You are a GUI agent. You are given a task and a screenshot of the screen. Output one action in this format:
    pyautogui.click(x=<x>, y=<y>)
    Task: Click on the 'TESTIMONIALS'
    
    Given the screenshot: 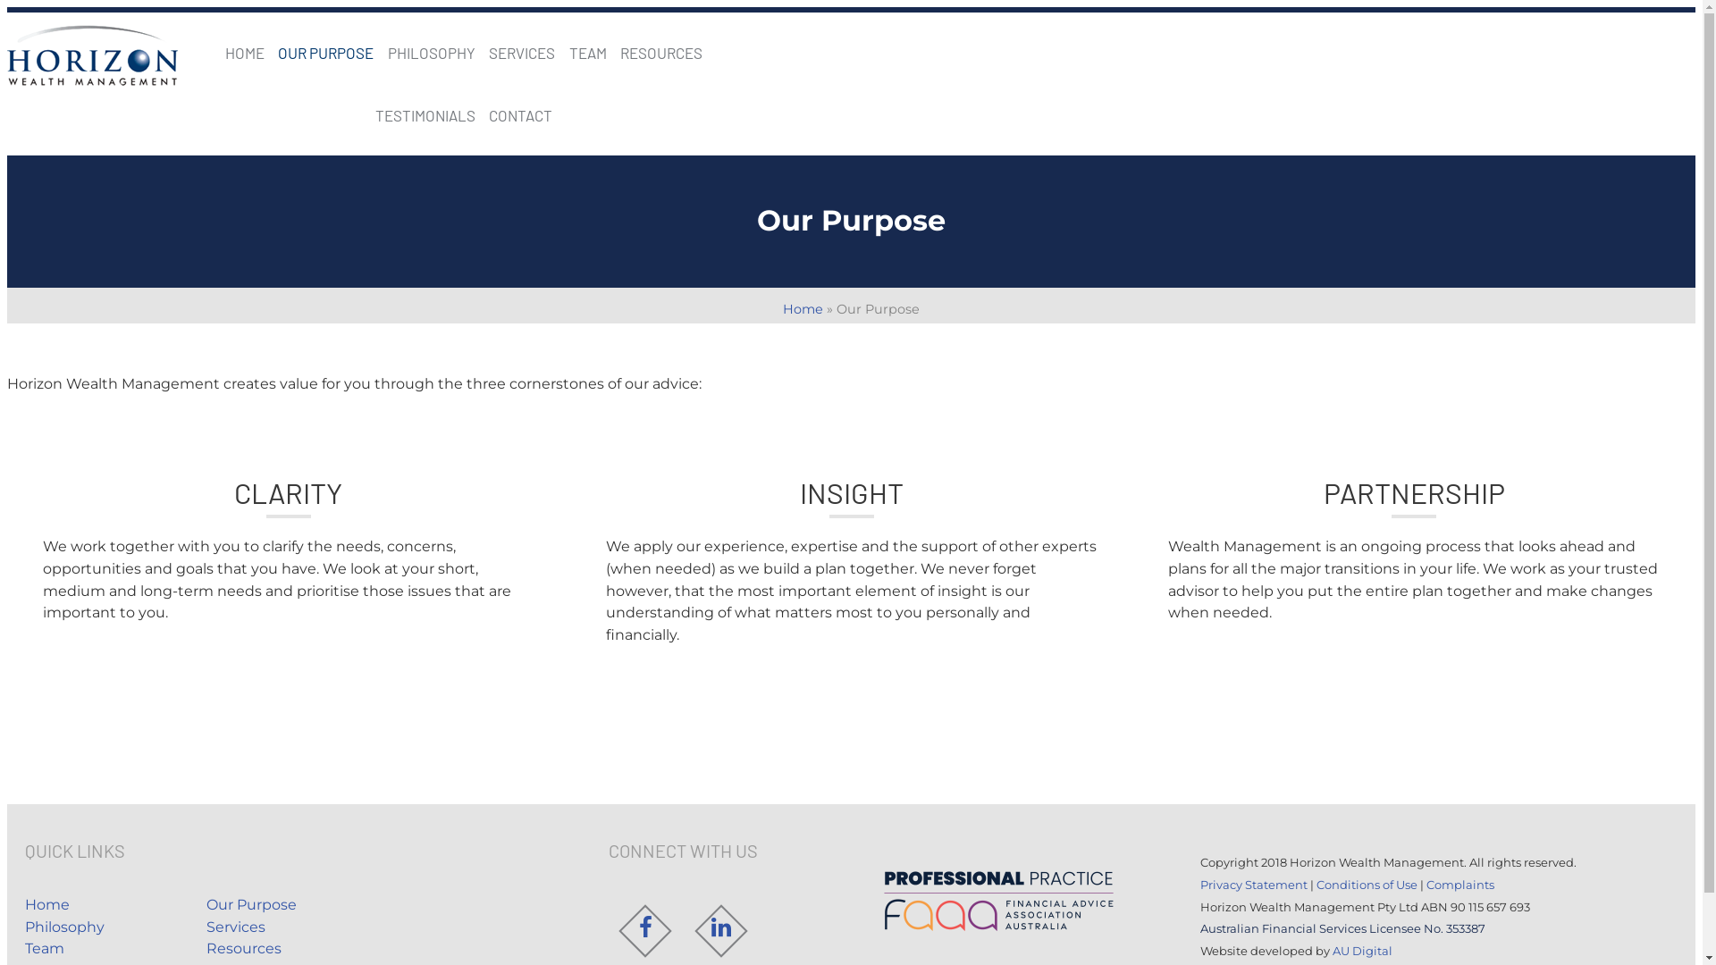 What is the action you would take?
    pyautogui.click(x=424, y=114)
    